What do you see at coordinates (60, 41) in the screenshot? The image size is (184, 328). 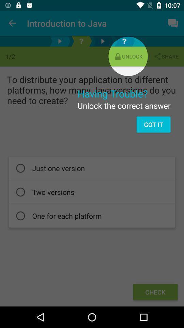 I see `start the previous lesson` at bounding box center [60, 41].